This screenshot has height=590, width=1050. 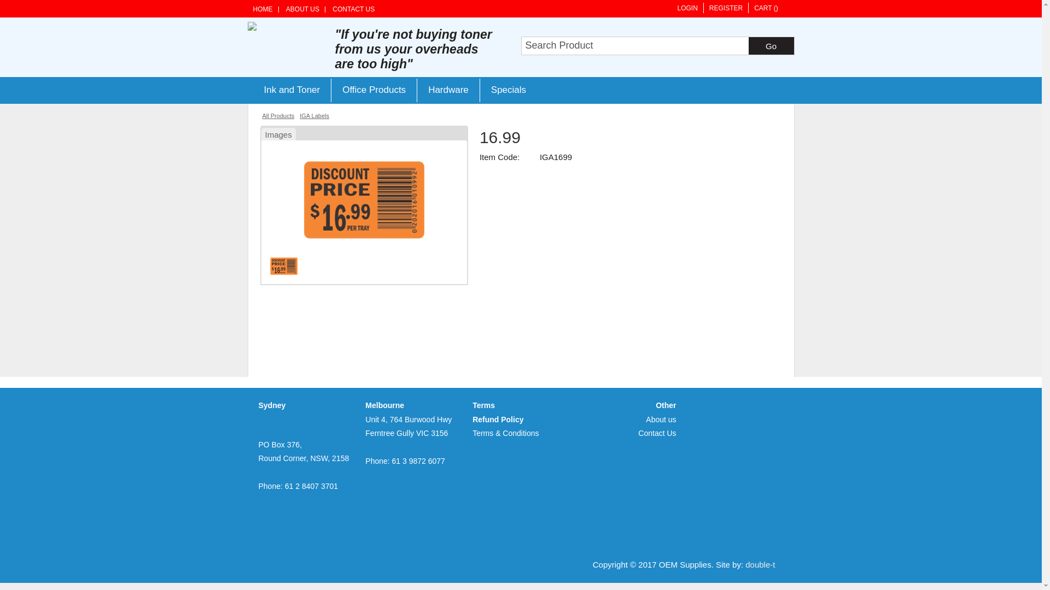 I want to click on 'Specials', so click(x=507, y=90).